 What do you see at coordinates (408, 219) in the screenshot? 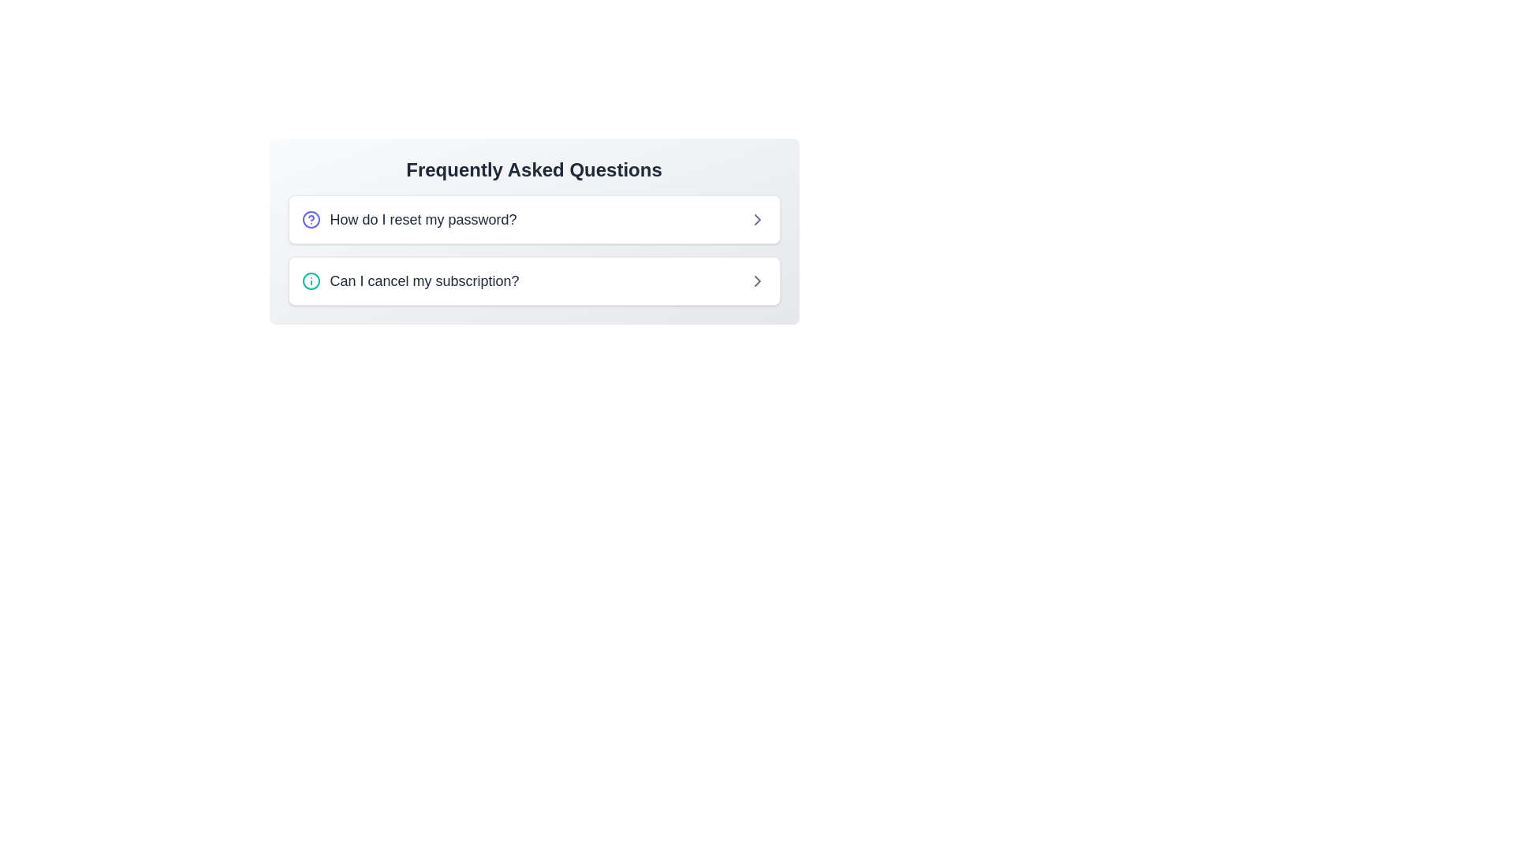
I see `the question text 'How do I reset my password?' in the first list item of the frequently asked questions section` at bounding box center [408, 219].